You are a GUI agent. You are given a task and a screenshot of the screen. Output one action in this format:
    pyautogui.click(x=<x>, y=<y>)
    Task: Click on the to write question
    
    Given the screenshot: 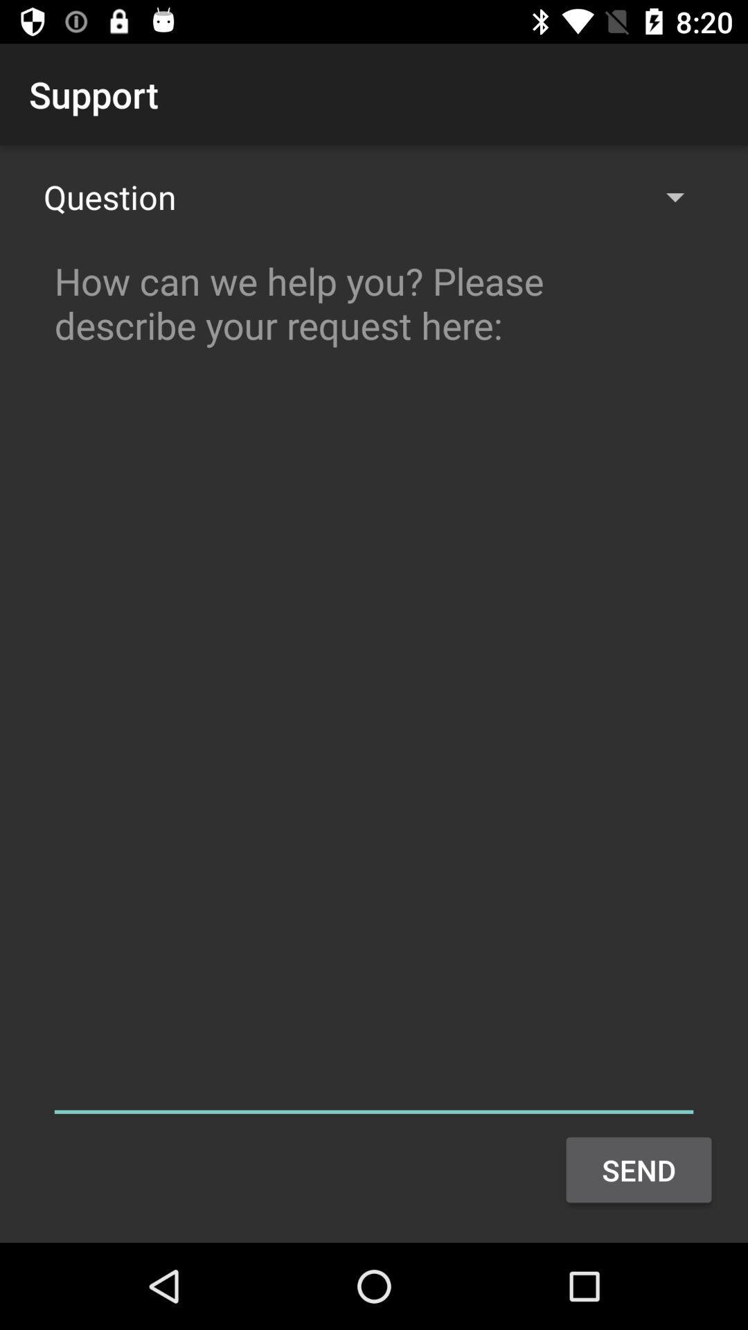 What is the action you would take?
    pyautogui.click(x=374, y=682)
    